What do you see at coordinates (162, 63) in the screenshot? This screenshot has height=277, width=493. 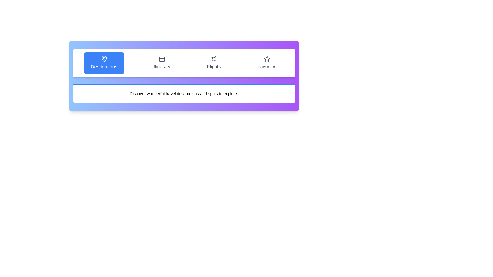 I see `the tab labeled Itinerary to view its content` at bounding box center [162, 63].